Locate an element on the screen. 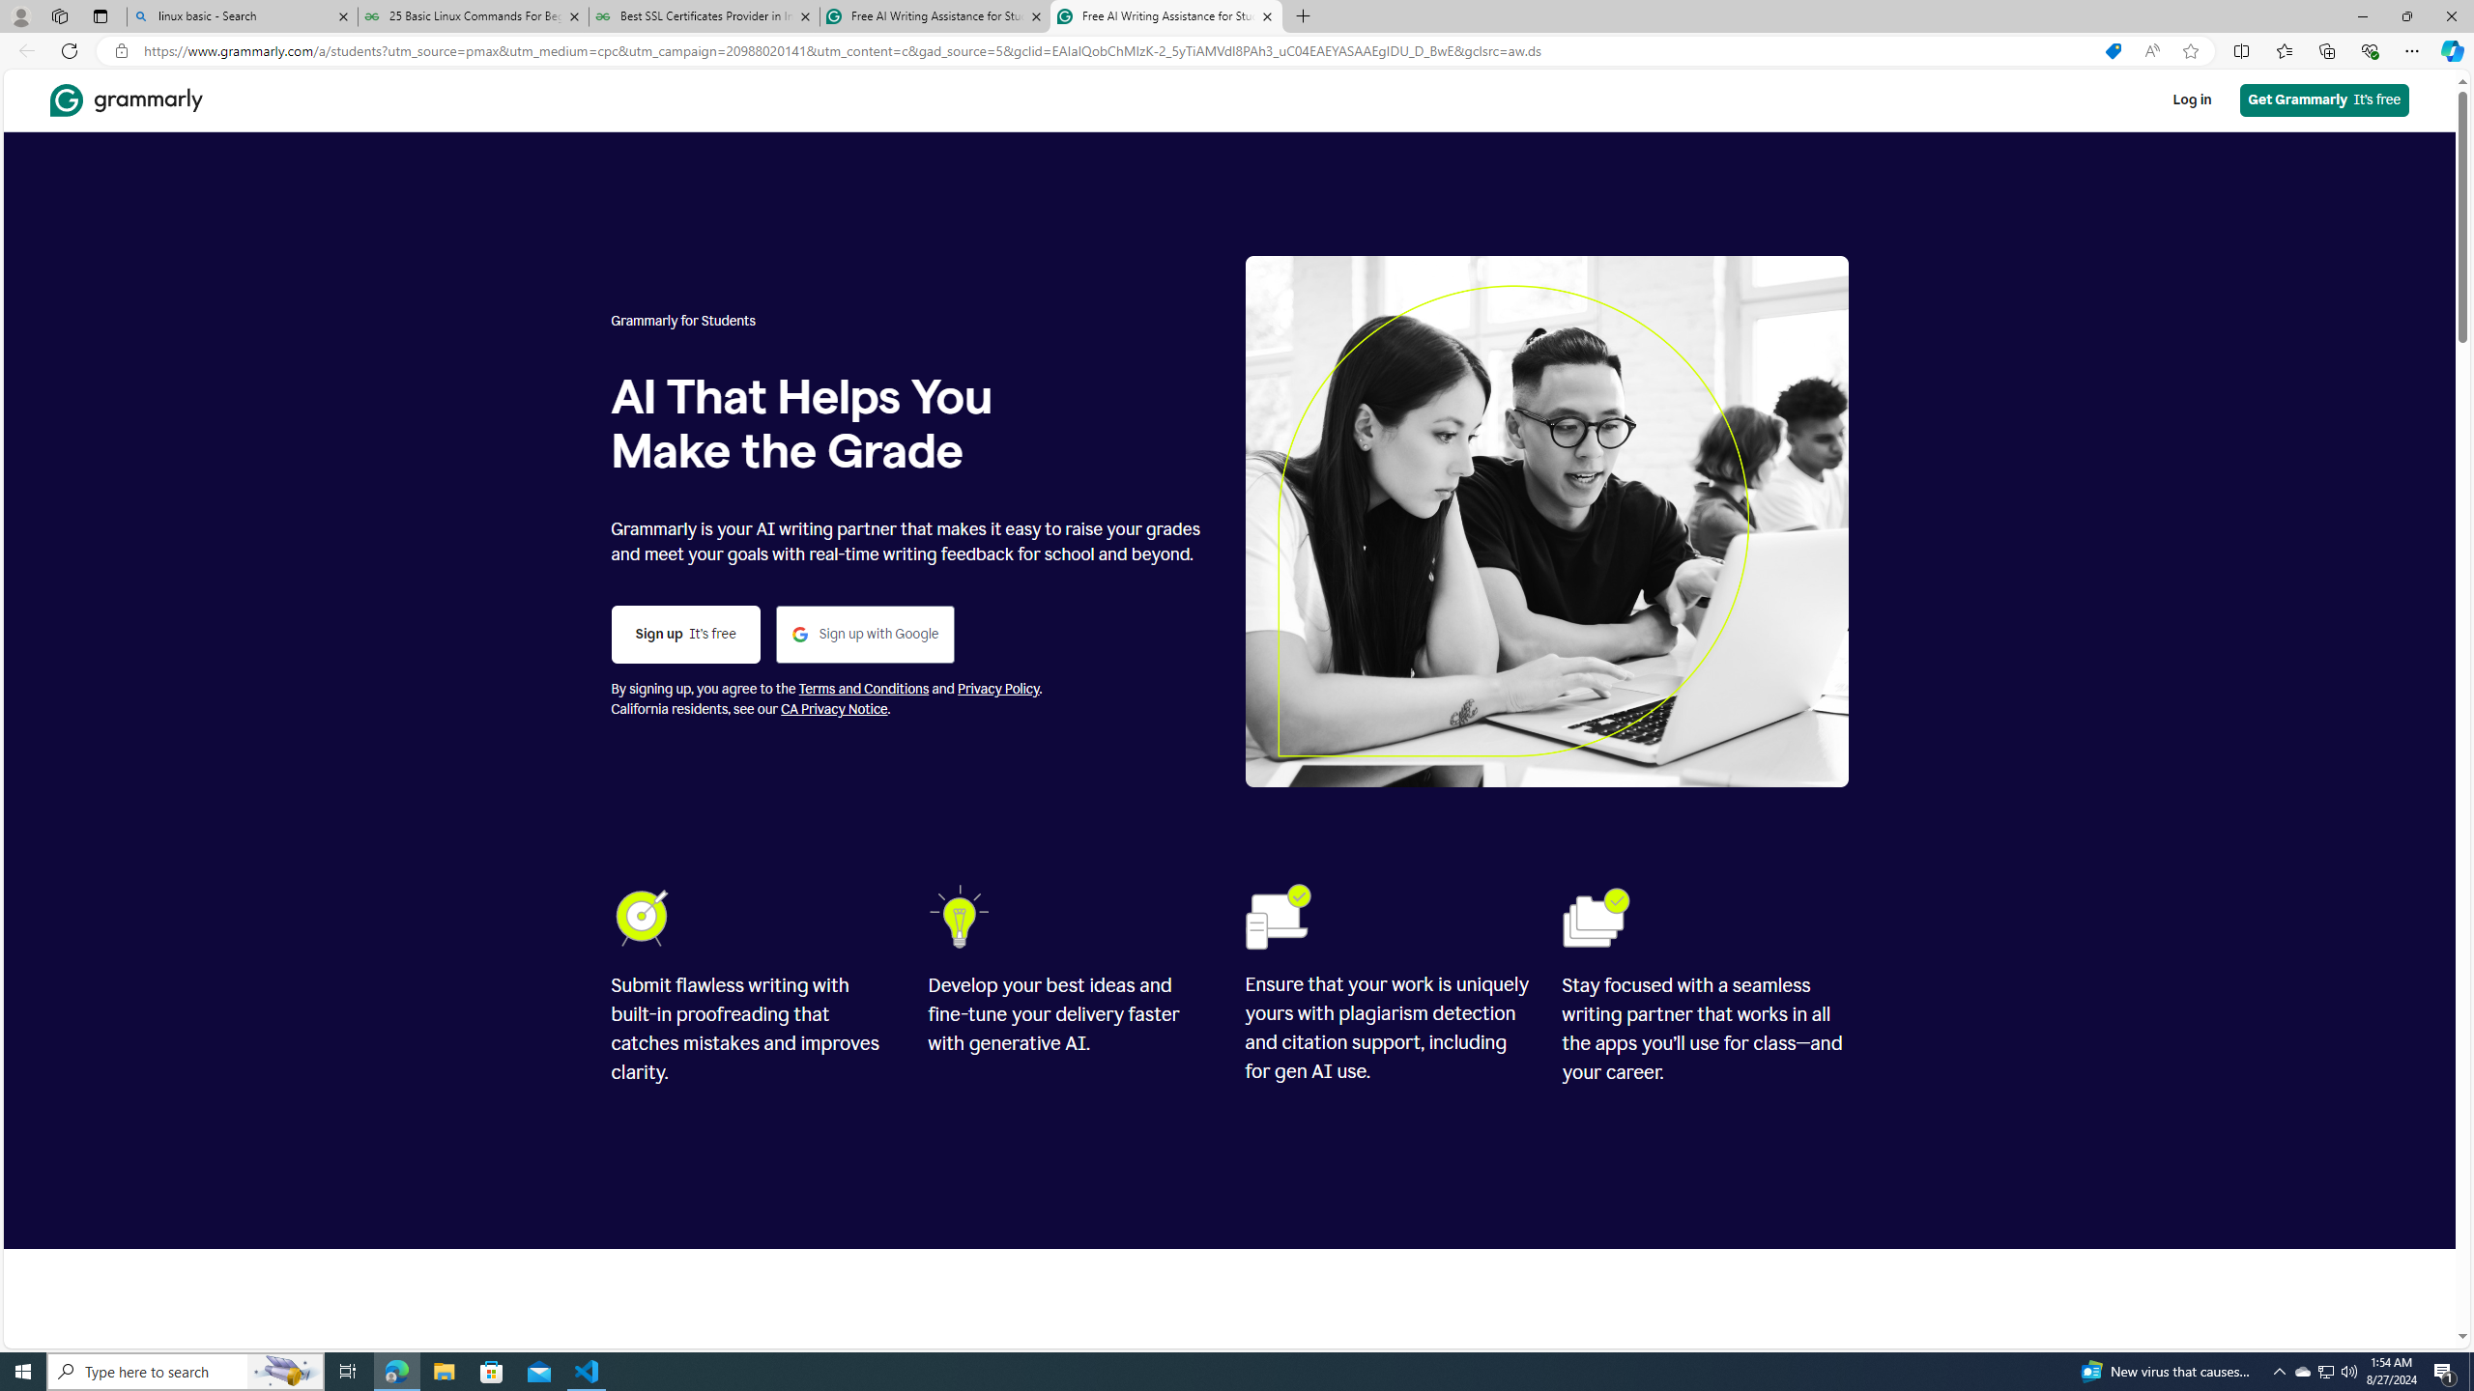 Image resolution: width=2474 pixels, height=1391 pixels. 'Lightbulb' is located at coordinates (961, 917).